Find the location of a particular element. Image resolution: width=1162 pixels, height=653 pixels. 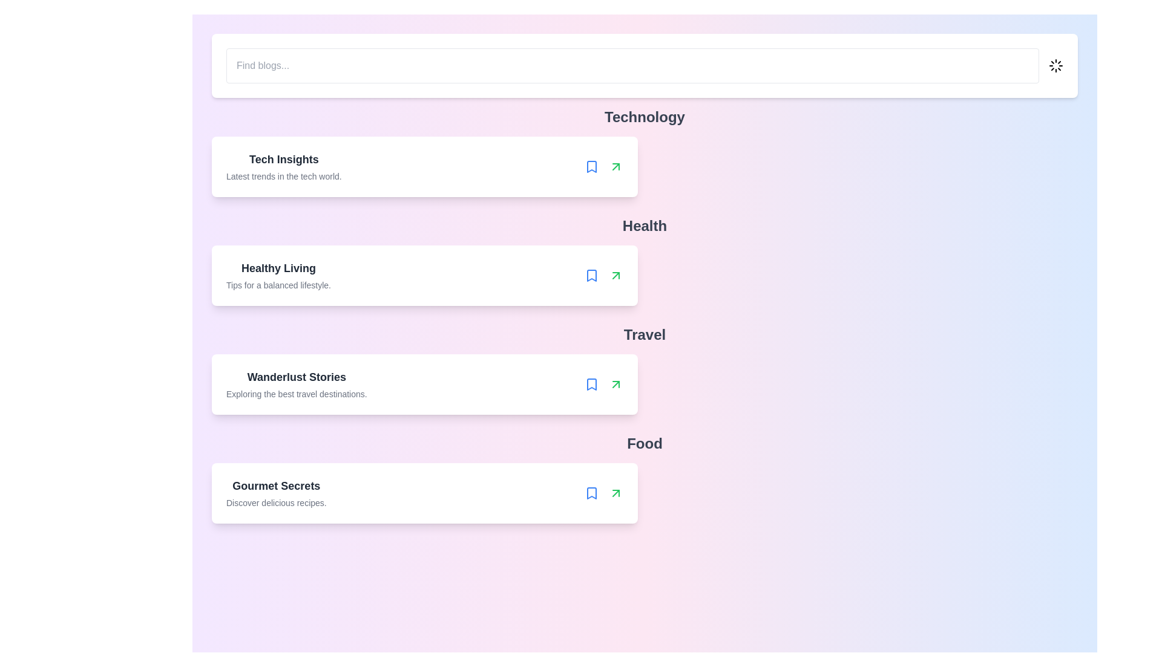

the Icon/Bookmark located at the top right corner of the 'Gourmet Secrets' card in the 'Food' section, adjacent to a right-facing arrow icon is located at coordinates (591, 493).